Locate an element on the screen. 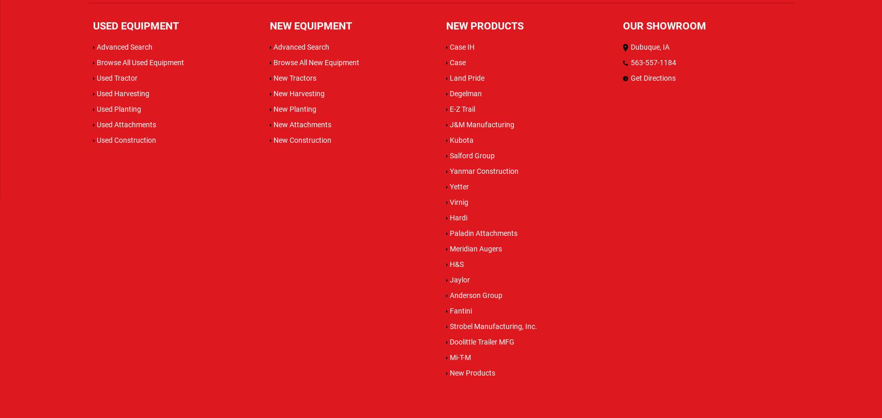 This screenshot has height=418, width=882. 'Anderson Group' is located at coordinates (476, 294).